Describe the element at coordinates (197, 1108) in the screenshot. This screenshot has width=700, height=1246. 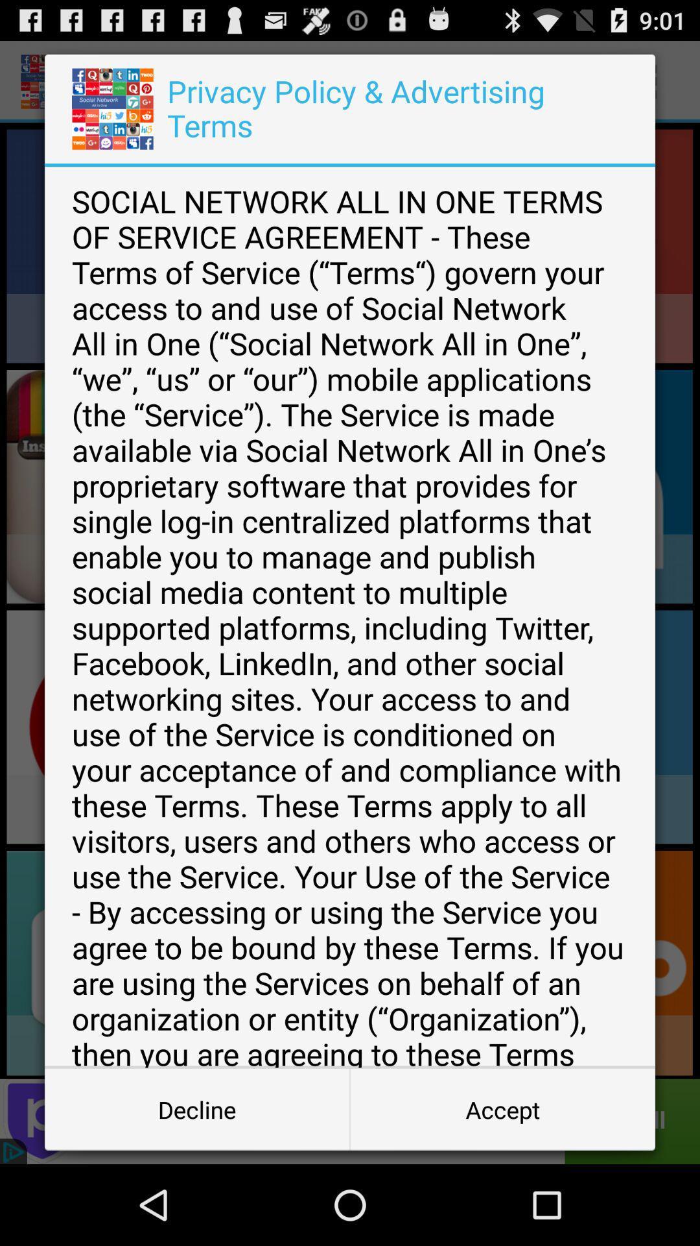
I see `the decline at the bottom left corner` at that location.